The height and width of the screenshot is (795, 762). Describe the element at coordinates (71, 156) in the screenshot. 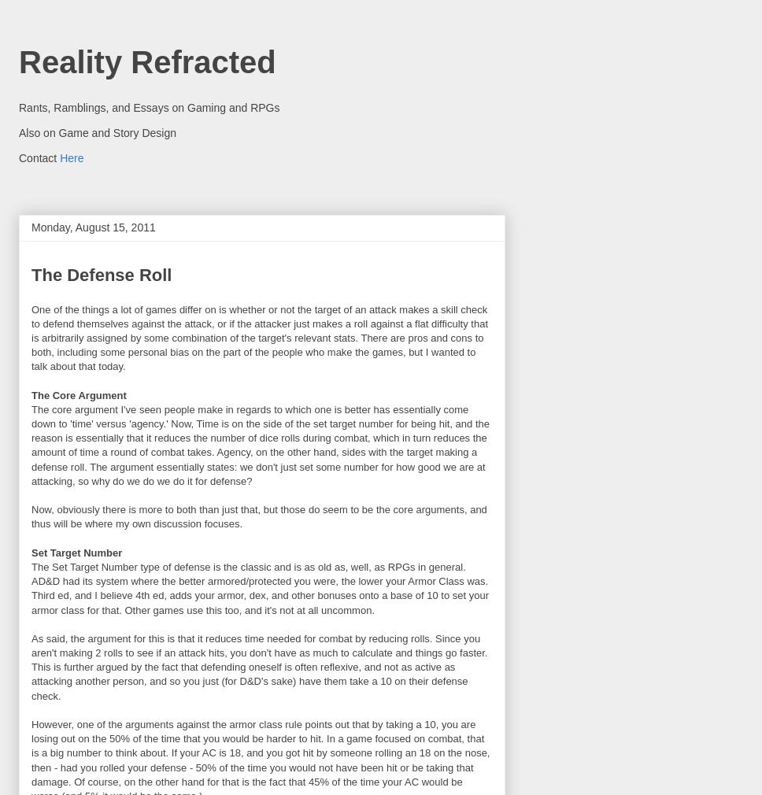

I see `'Here'` at that location.